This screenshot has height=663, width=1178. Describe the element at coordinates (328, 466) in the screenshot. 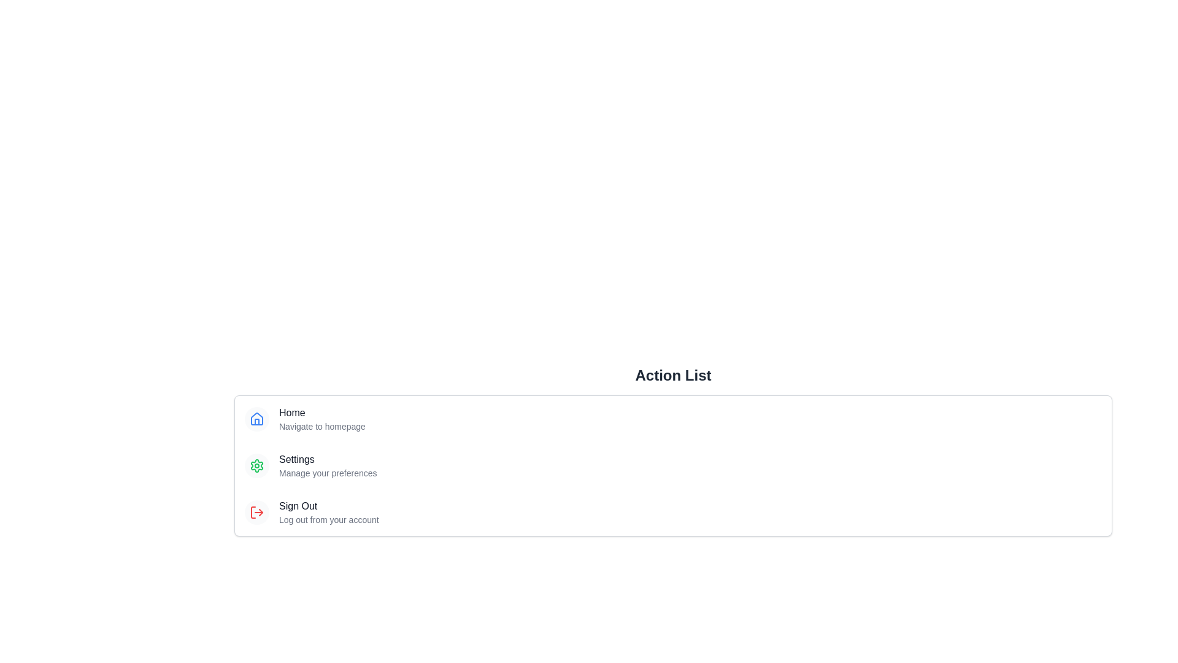

I see `the 'Settings' menu item, which features bold text and a smaller description below it` at that location.